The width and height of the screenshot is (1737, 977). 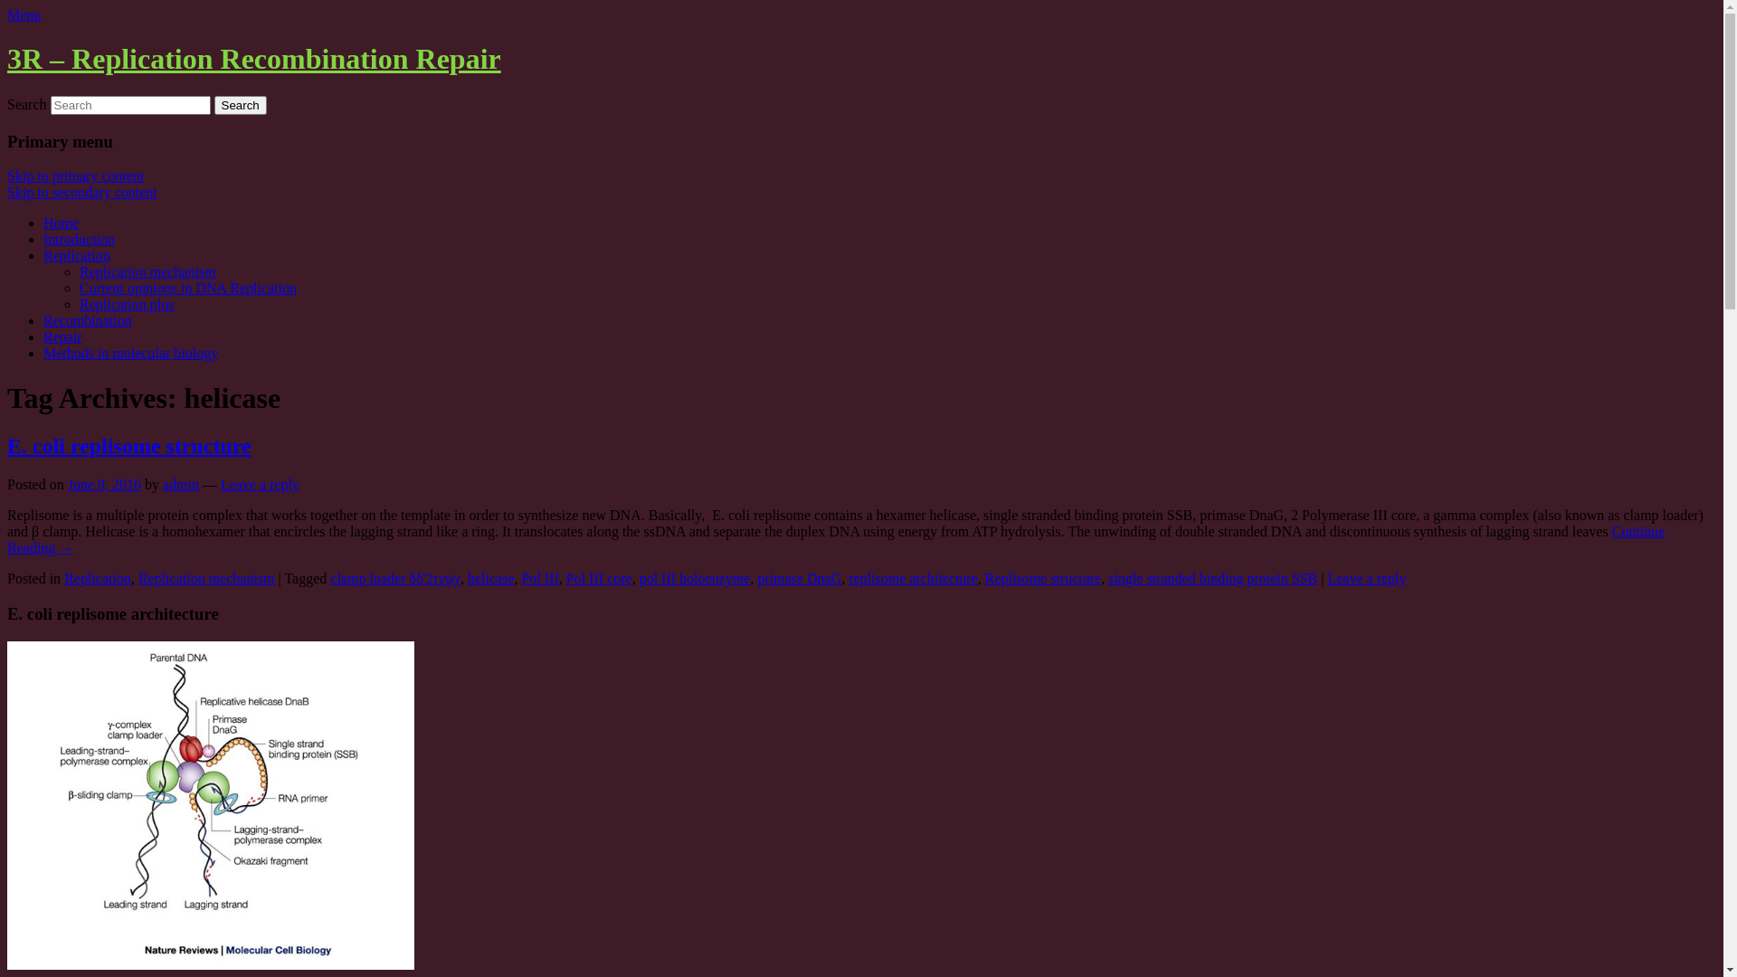 What do you see at coordinates (1042, 578) in the screenshot?
I see `'Replisome structure'` at bounding box center [1042, 578].